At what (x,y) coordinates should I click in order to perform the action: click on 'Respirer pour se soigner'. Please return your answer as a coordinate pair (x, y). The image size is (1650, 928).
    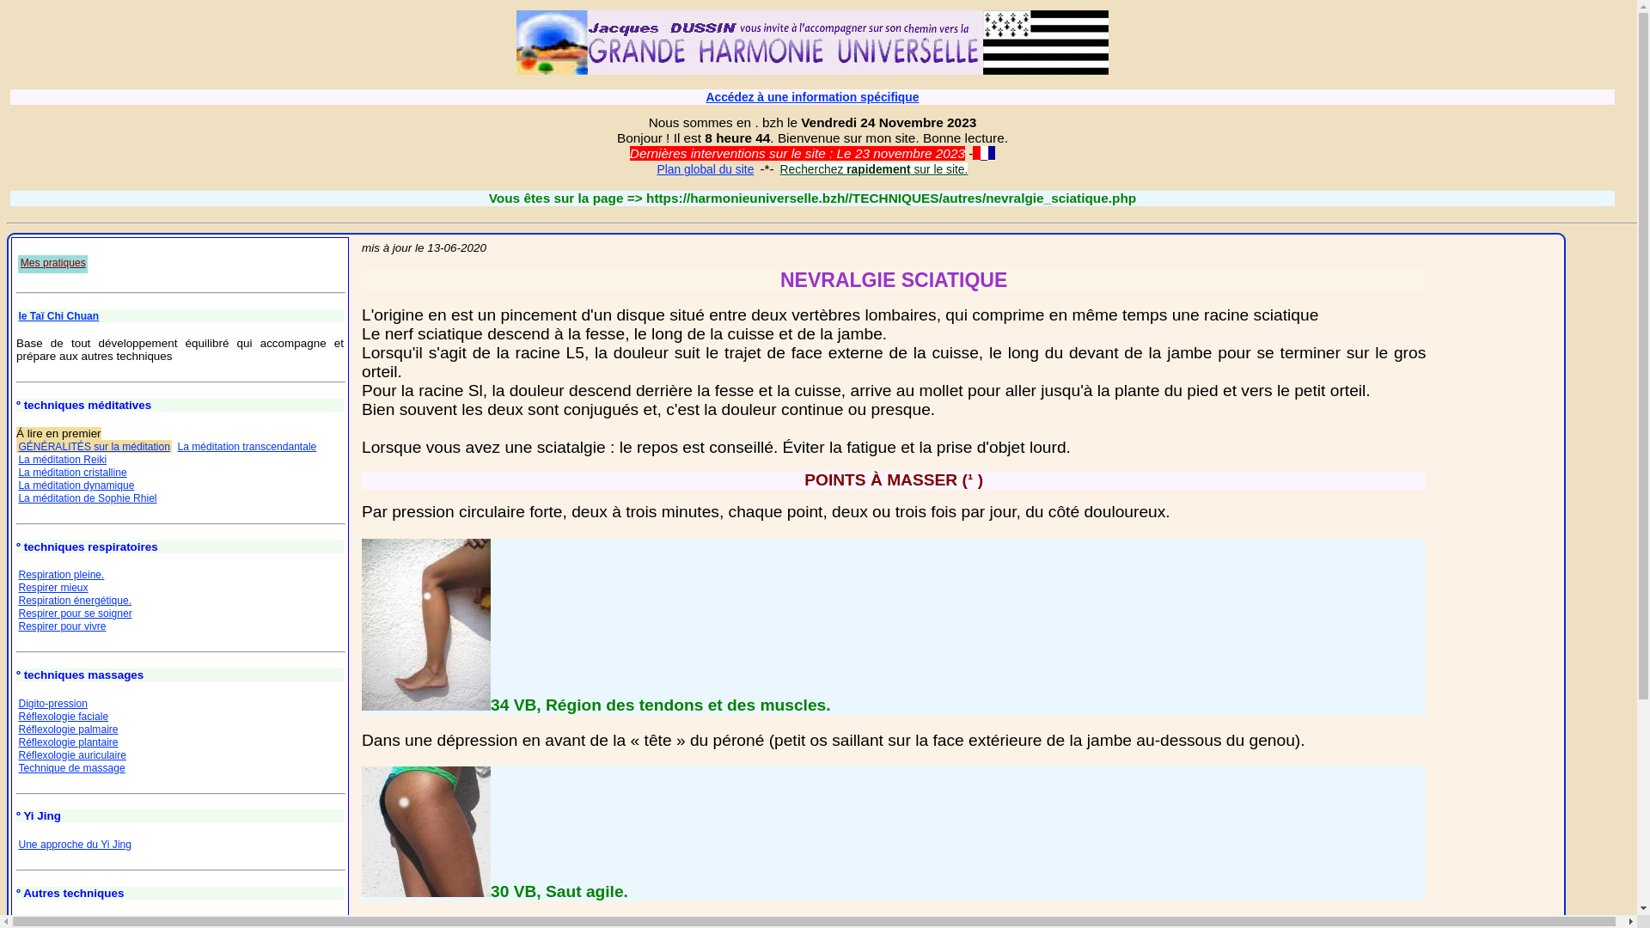
    Looking at the image, I should click on (73, 612).